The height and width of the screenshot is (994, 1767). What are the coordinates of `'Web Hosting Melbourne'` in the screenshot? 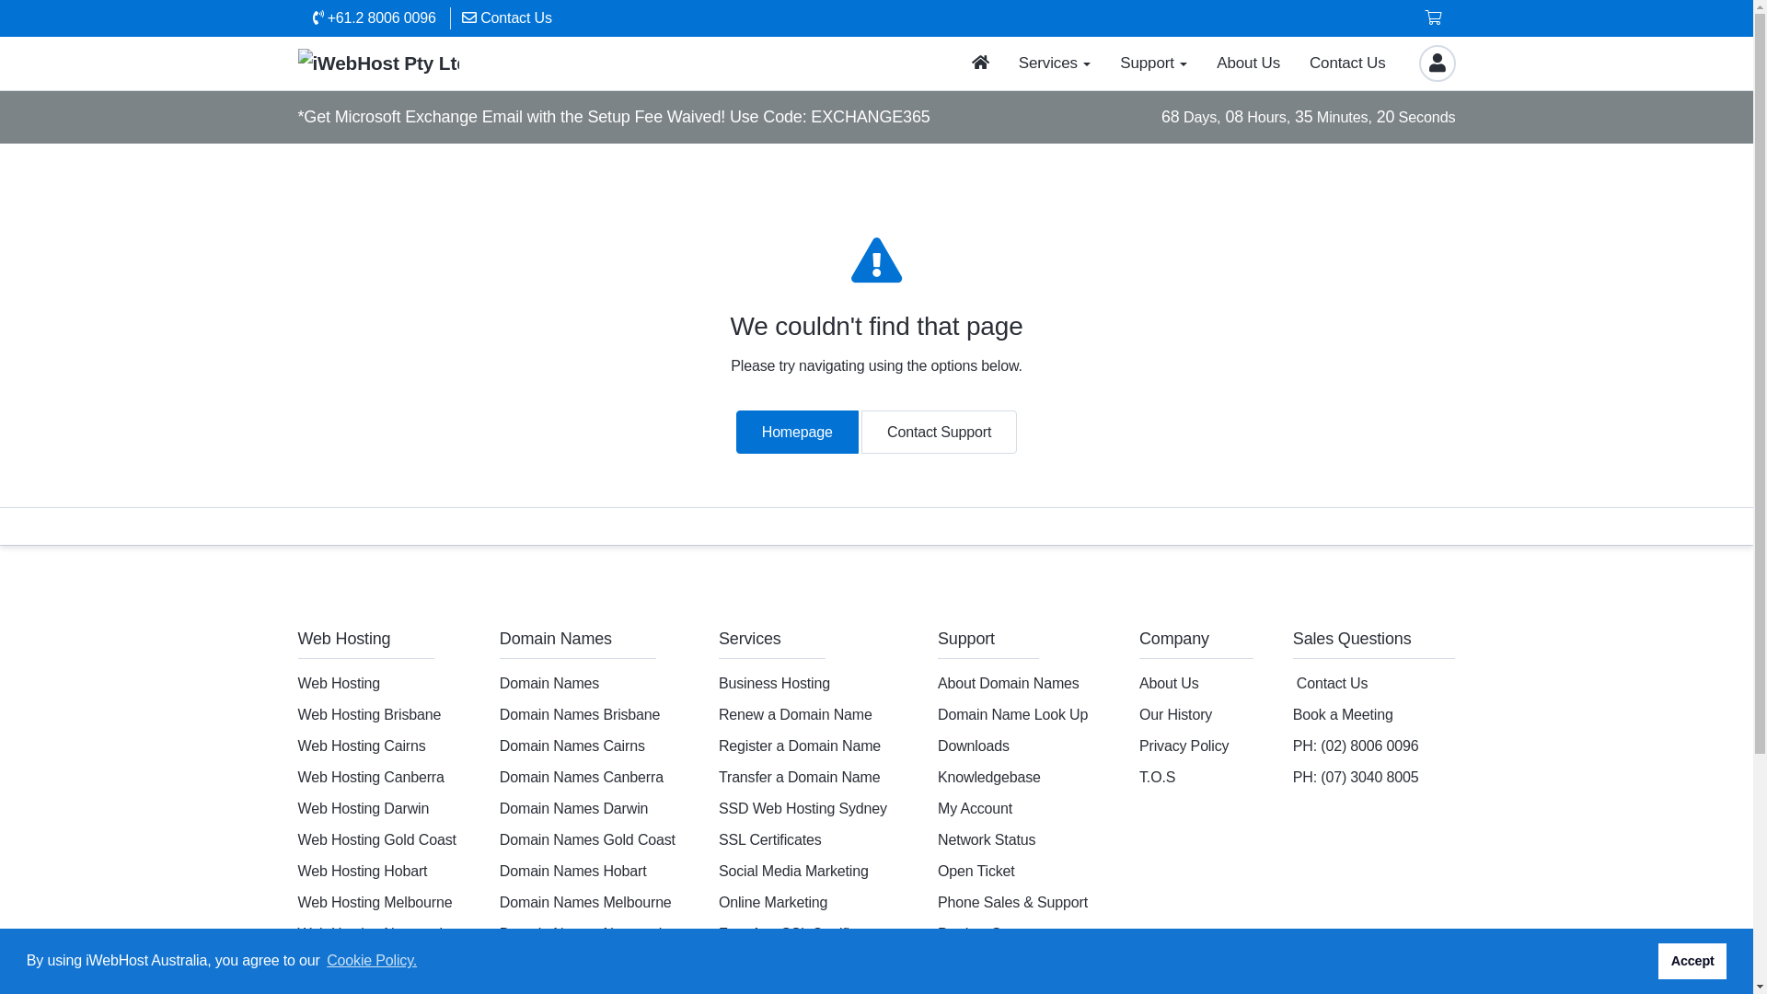 It's located at (375, 901).